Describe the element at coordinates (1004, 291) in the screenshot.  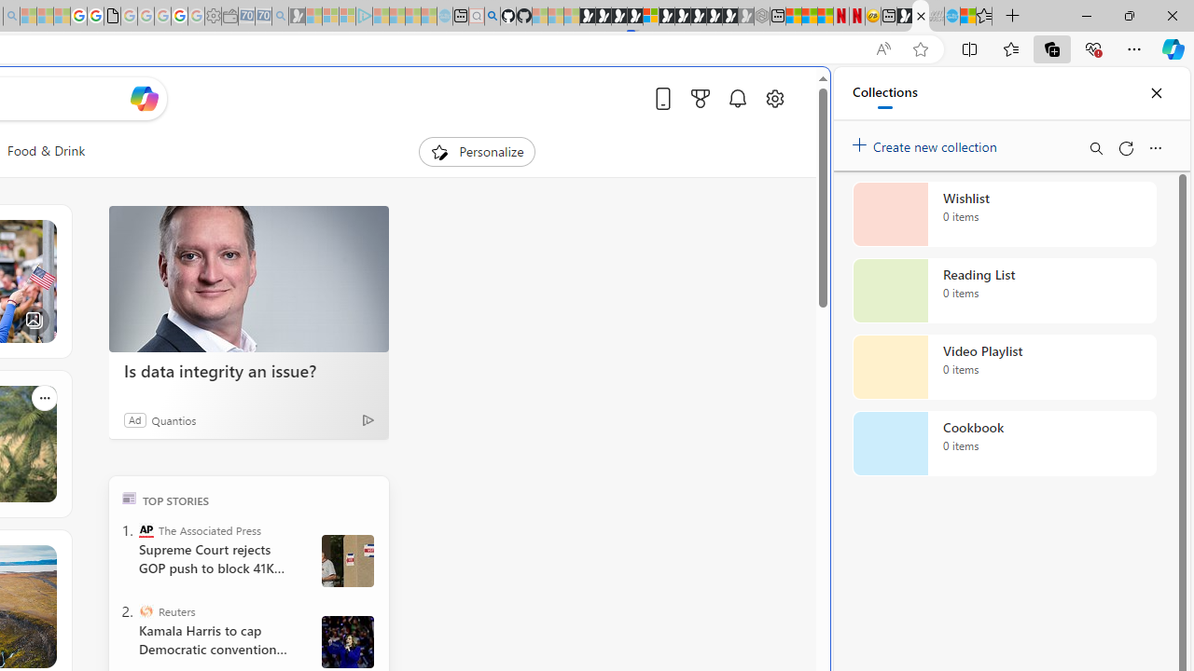
I see `'Reading List collection, 0 items'` at that location.